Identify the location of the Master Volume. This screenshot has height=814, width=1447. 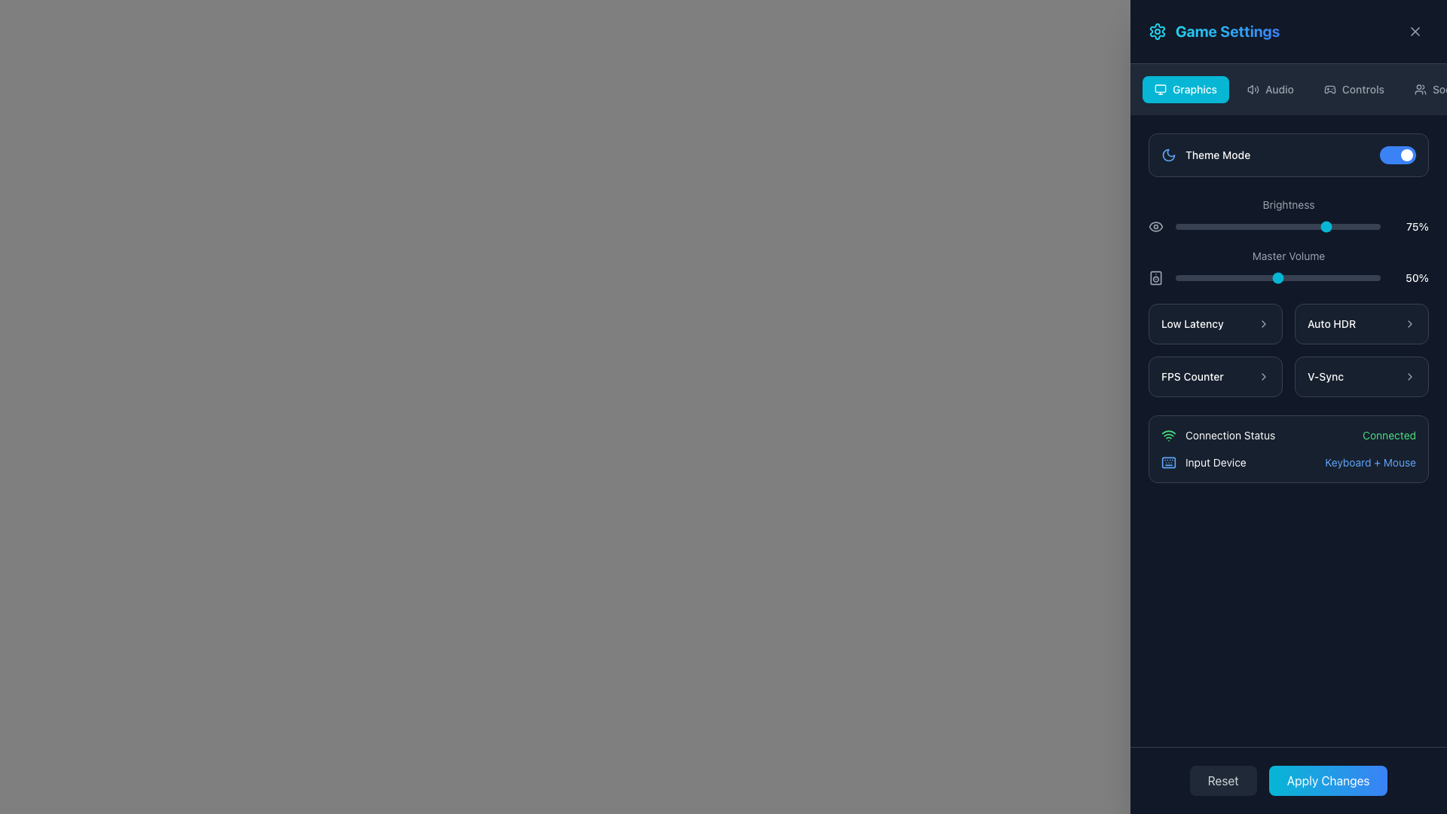
(1304, 278).